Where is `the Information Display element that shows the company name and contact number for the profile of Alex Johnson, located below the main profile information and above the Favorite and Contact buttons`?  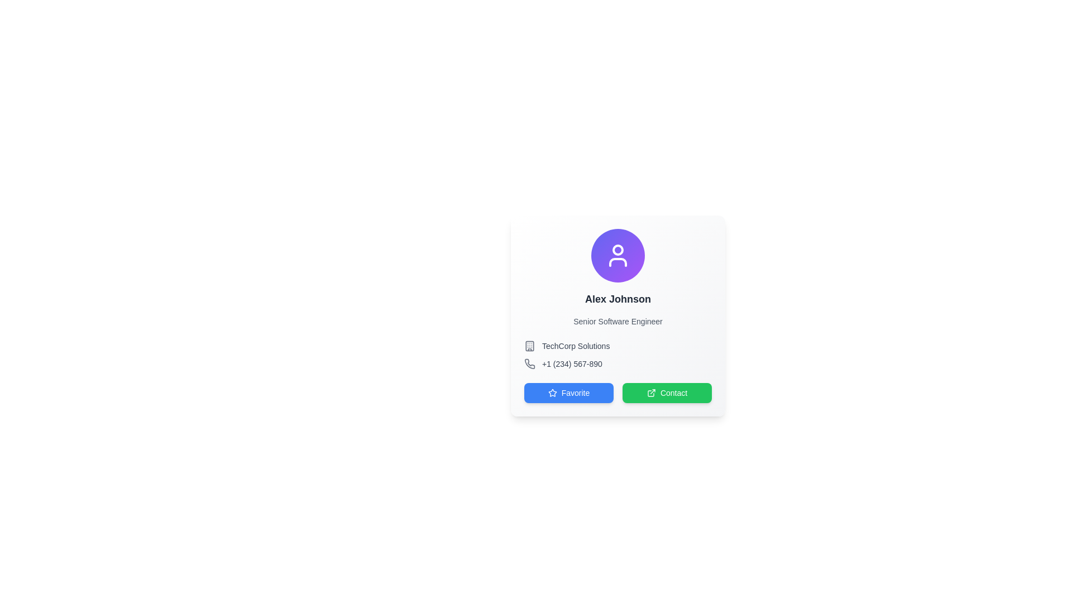 the Information Display element that shows the company name and contact number for the profile of Alex Johnson, located below the main profile information and above the Favorite and Contact buttons is located at coordinates (618, 355).